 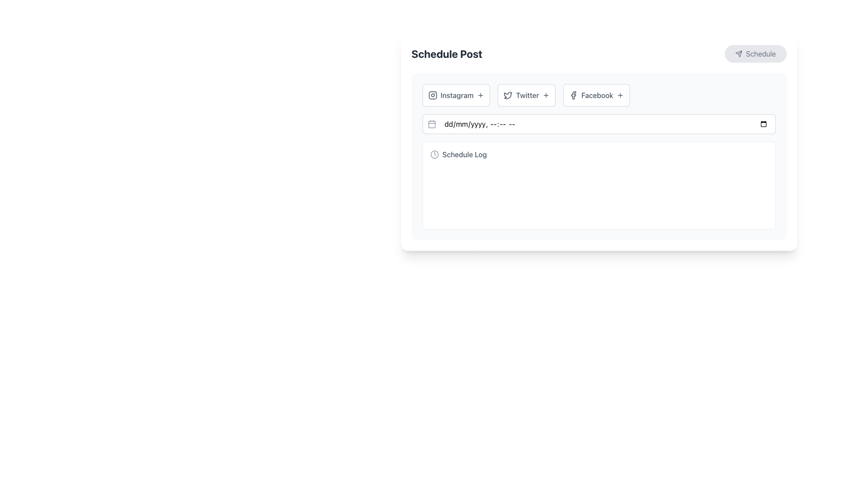 I want to click on the Twitter decorative logo icon located within the Twitter button, positioned centrally between the Instagram and Facebook buttons, so click(x=508, y=95).